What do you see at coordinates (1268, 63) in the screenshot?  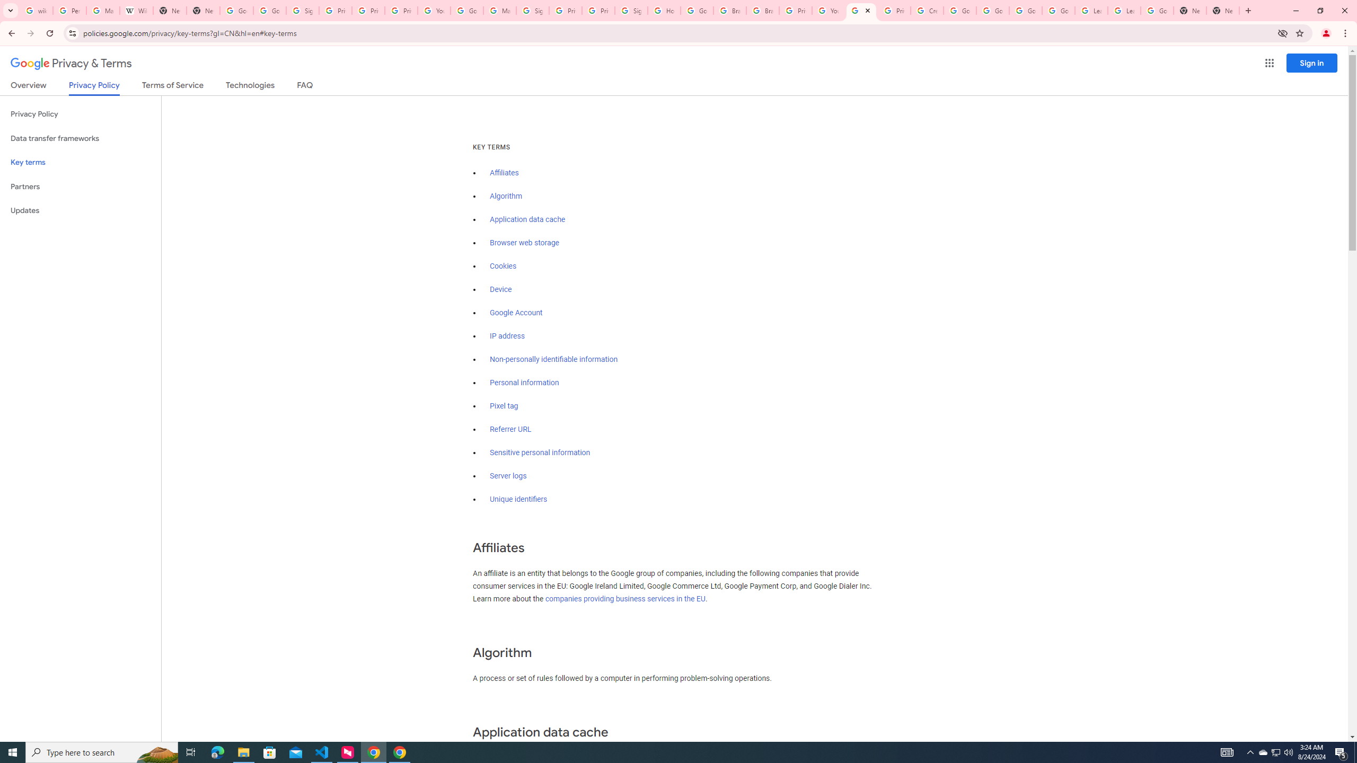 I see `'Google apps'` at bounding box center [1268, 63].